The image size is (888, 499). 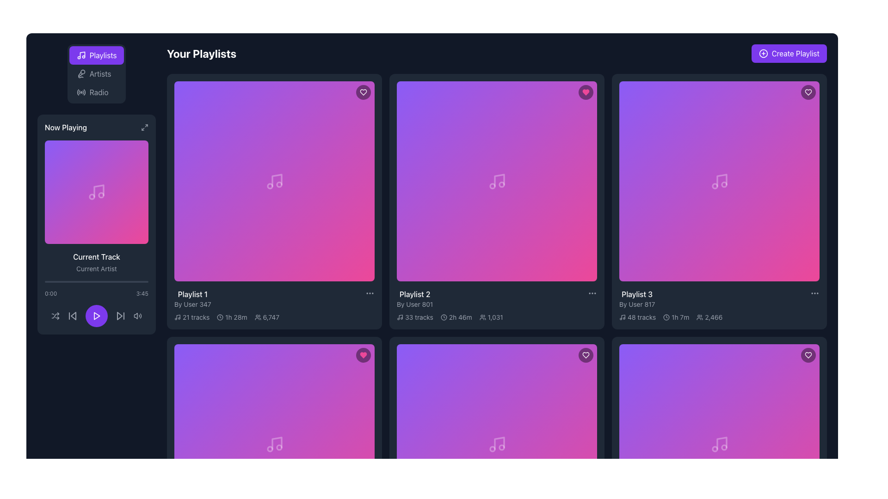 I want to click on 'Current Artist' label, which is styled in a smaller, light gray font and located below the 'Current Track' title in the 'Now Playing' section, so click(x=97, y=269).